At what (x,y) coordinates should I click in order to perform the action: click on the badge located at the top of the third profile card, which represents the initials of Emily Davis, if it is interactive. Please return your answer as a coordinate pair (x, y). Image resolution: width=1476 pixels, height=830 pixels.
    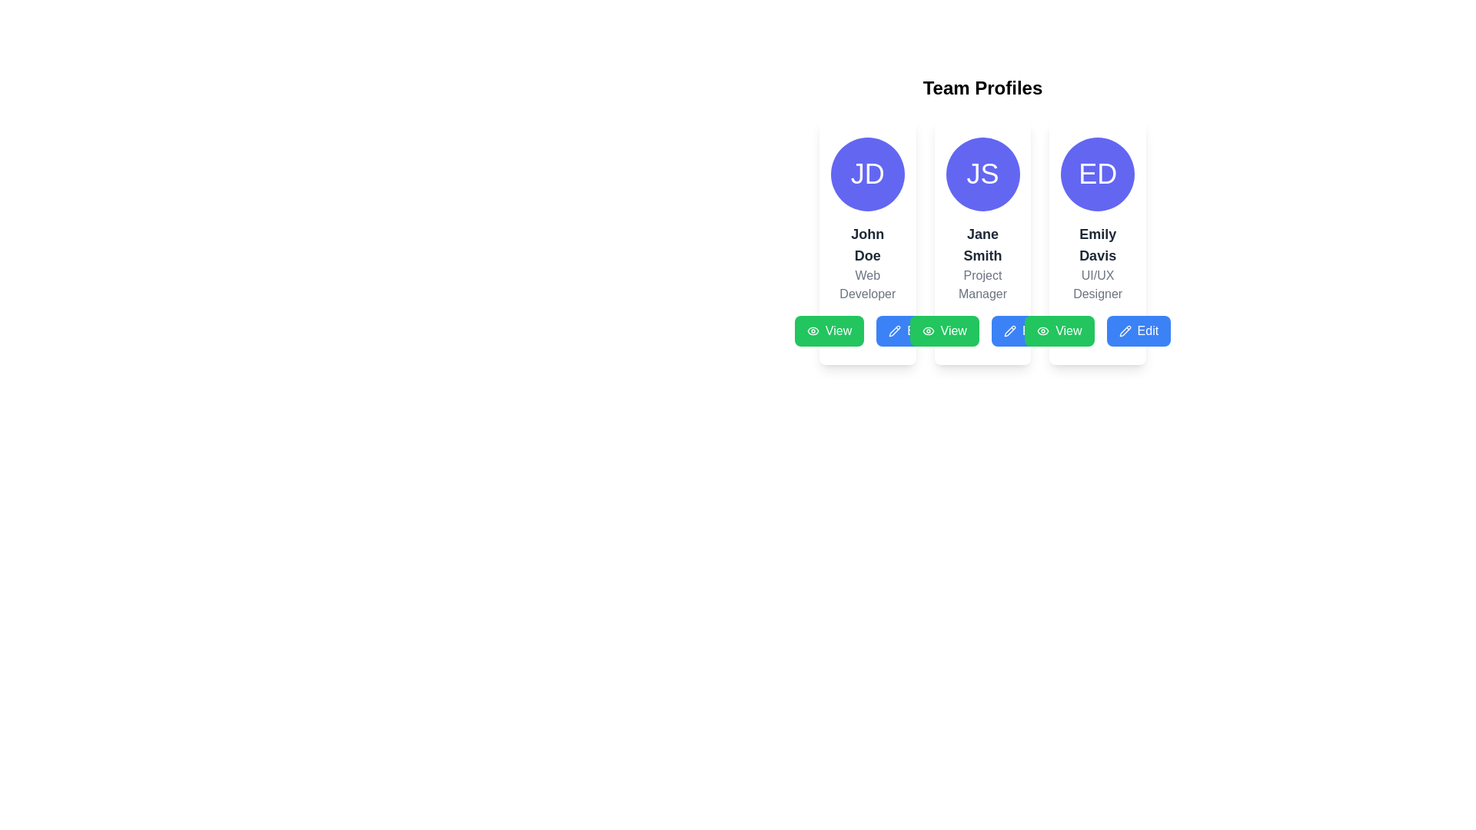
    Looking at the image, I should click on (1097, 174).